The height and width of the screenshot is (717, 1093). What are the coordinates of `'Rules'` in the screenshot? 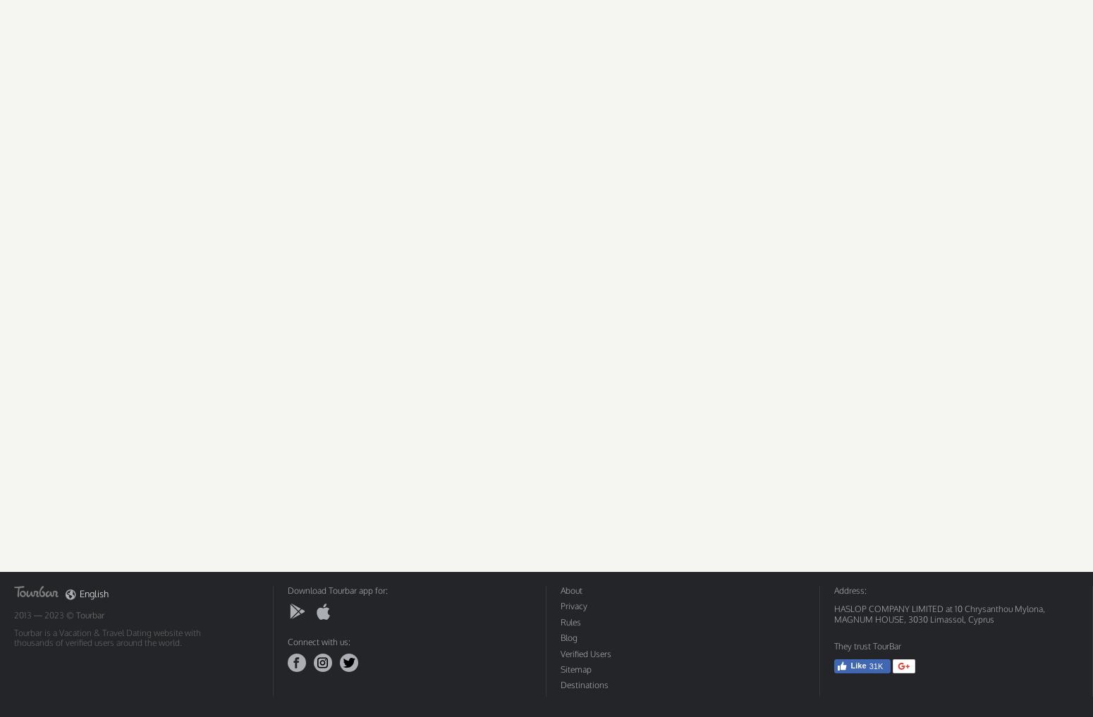 It's located at (570, 621).